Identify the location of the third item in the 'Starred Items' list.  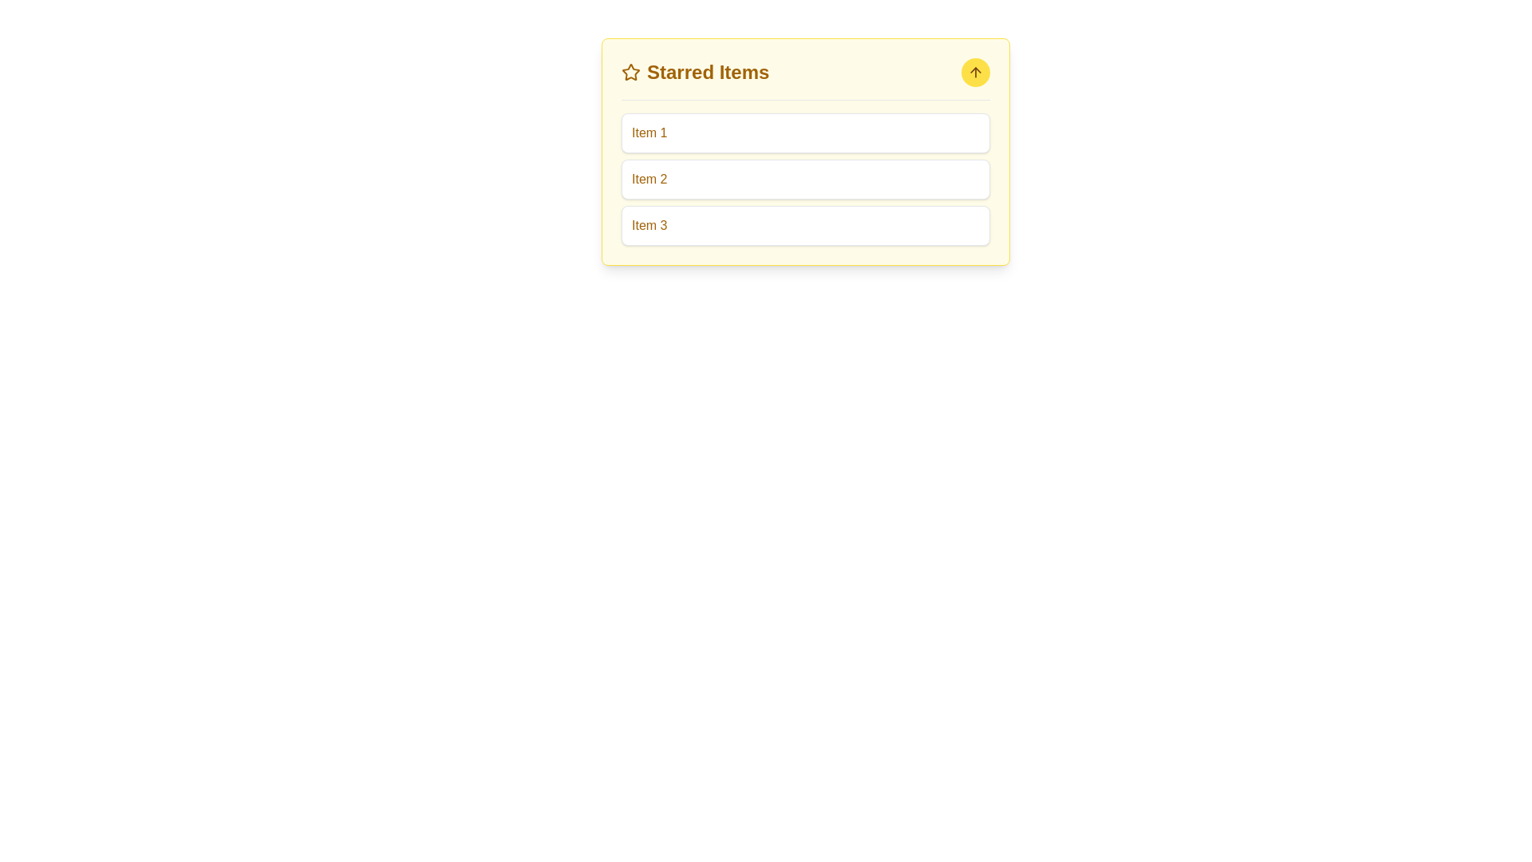
(805, 225).